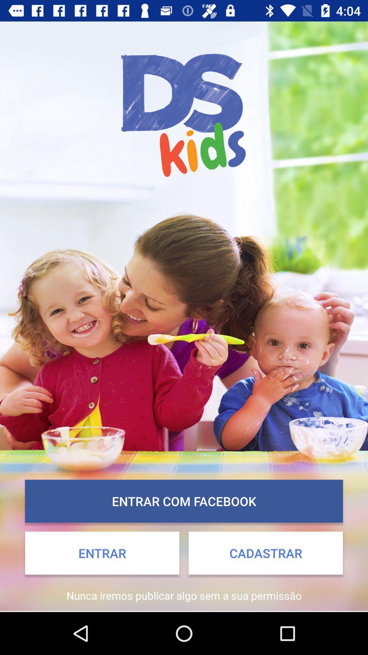  Describe the element at coordinates (184, 501) in the screenshot. I see `entrar com facebook item` at that location.